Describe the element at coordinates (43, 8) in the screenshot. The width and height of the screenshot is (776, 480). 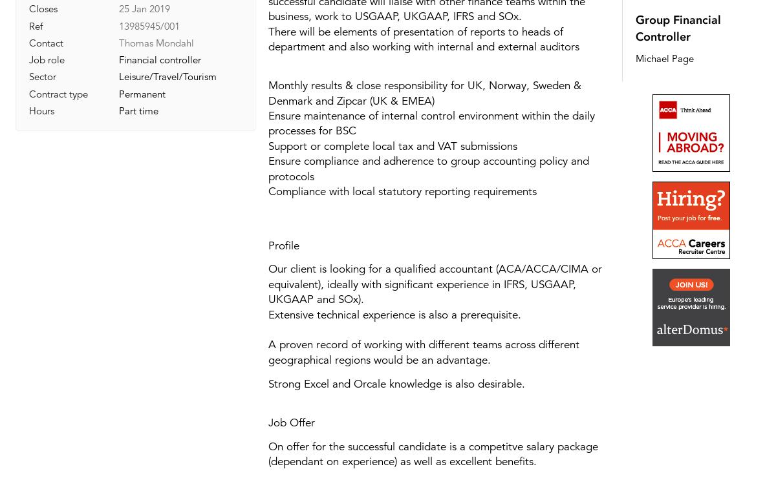
I see `'Closes'` at that location.